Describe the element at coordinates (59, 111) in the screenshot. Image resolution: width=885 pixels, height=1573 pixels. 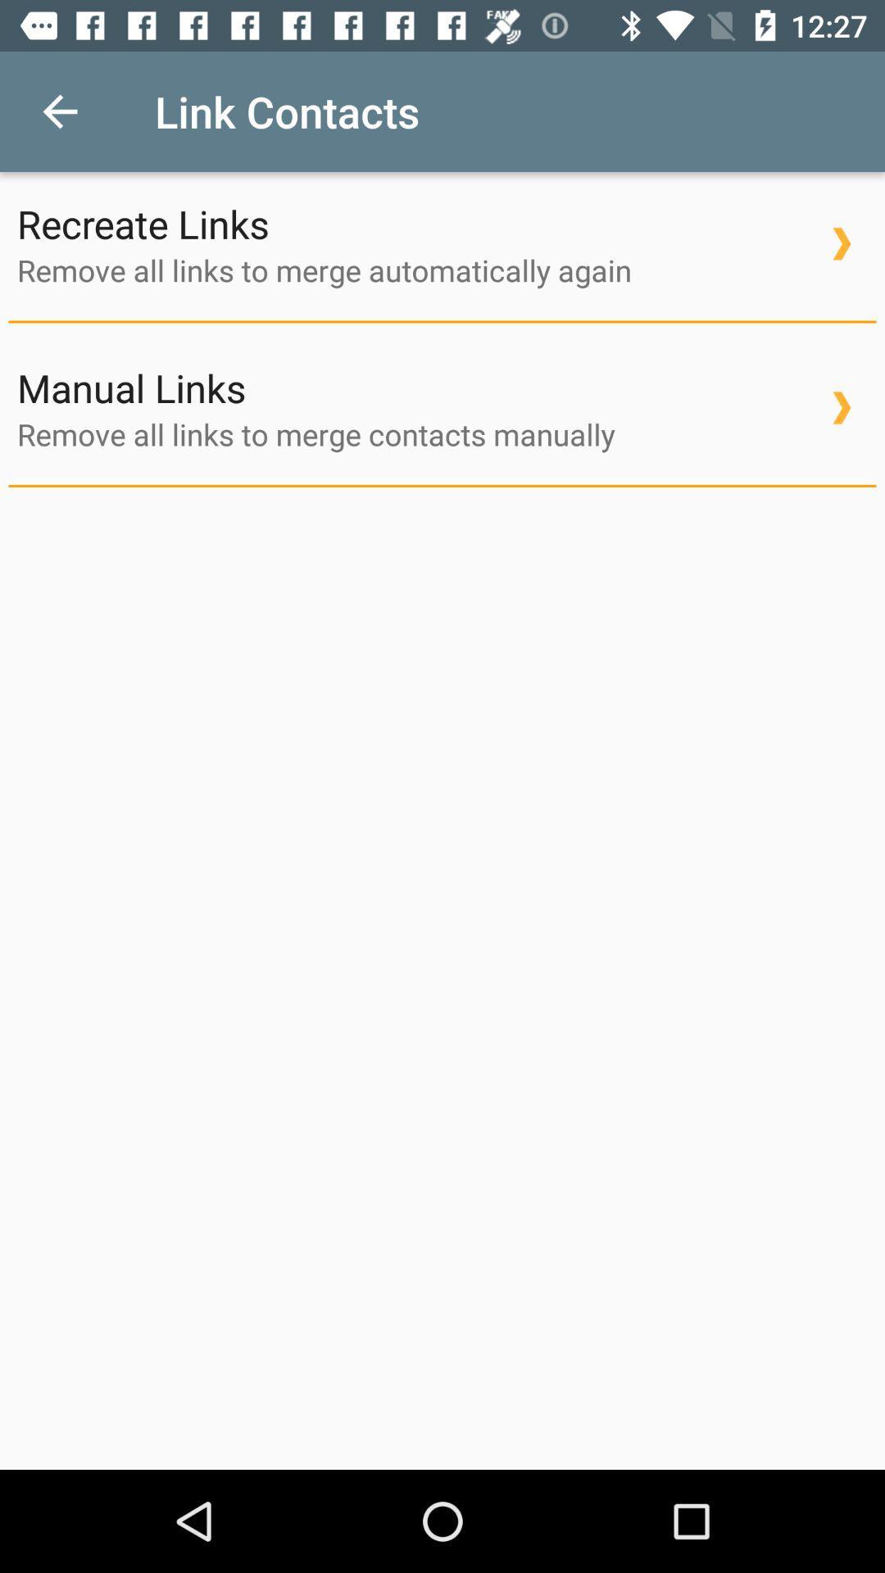
I see `the item next to the link contacts item` at that location.